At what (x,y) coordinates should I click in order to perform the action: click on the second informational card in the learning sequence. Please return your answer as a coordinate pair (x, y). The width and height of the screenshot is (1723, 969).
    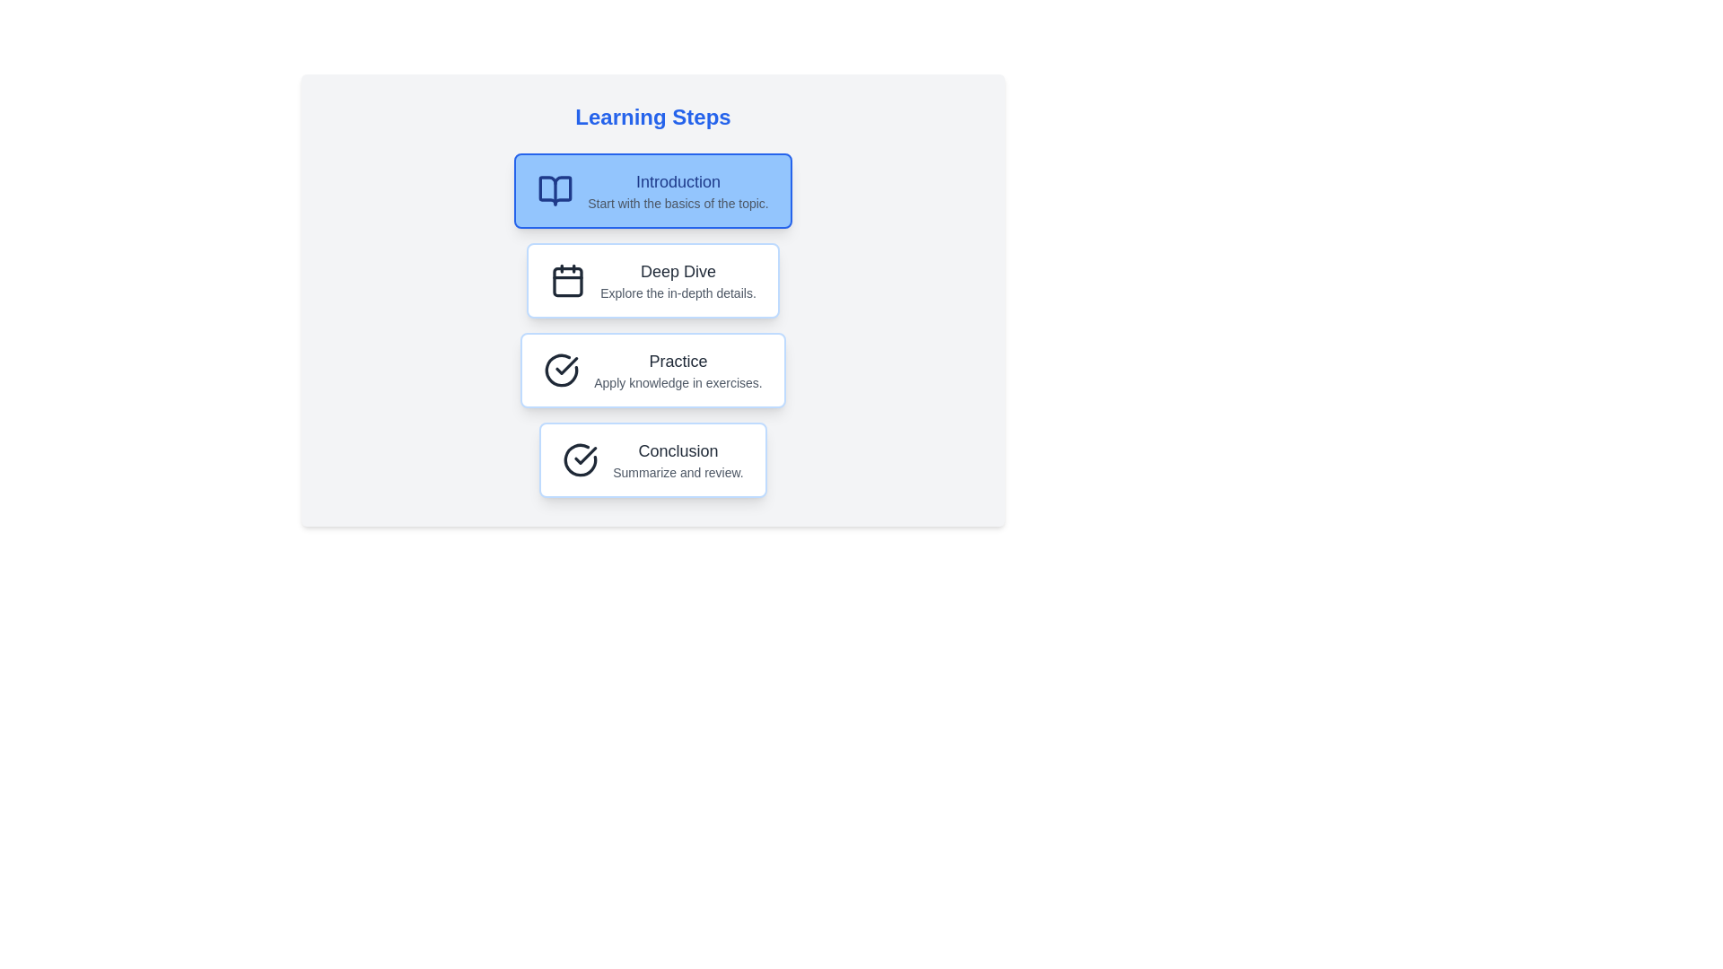
    Looking at the image, I should click on (652, 300).